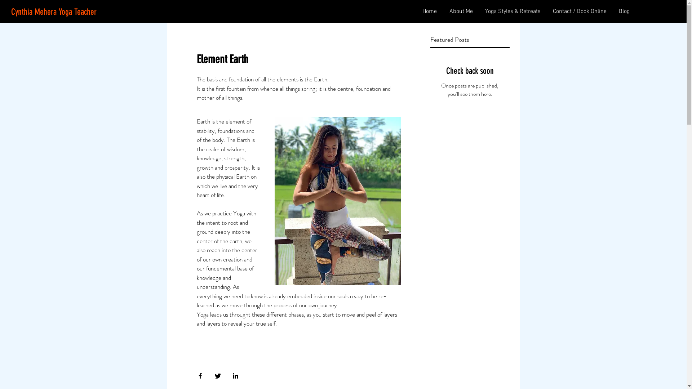  I want to click on 'Cynthia Mehera Yoga Teacher', so click(53, 12).